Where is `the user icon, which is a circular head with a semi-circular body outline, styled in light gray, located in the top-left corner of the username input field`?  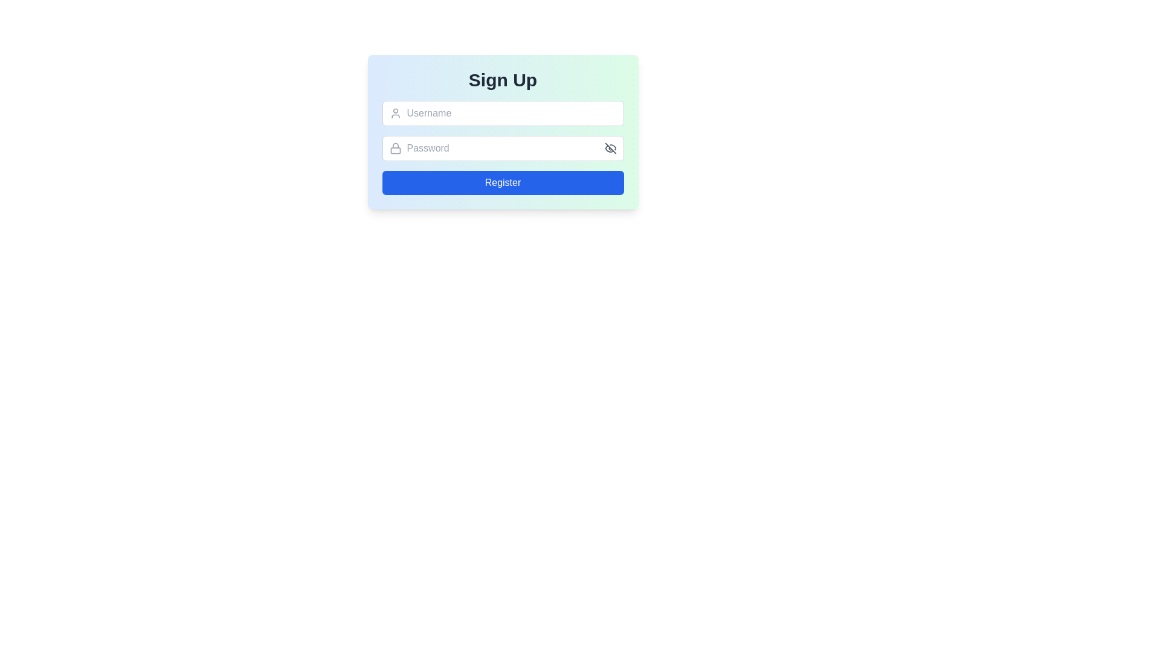
the user icon, which is a circular head with a semi-circular body outline, styled in light gray, located in the top-left corner of the username input field is located at coordinates (395, 113).